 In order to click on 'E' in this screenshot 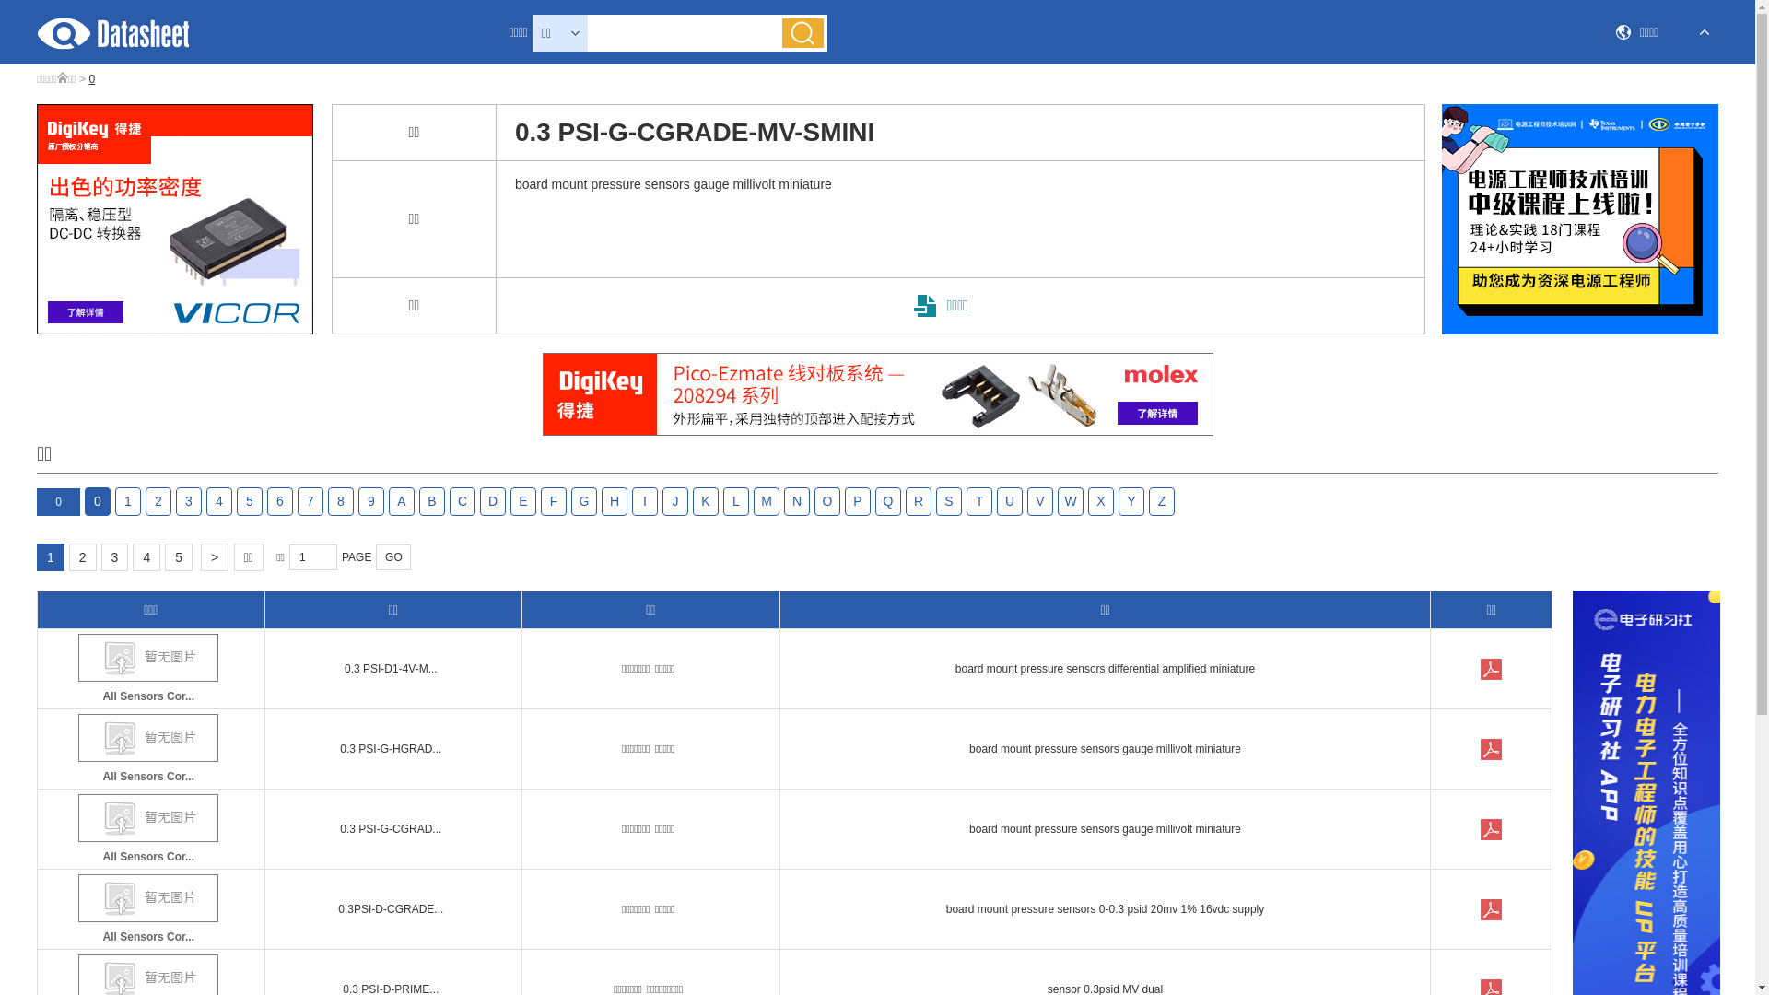, I will do `click(521, 501)`.